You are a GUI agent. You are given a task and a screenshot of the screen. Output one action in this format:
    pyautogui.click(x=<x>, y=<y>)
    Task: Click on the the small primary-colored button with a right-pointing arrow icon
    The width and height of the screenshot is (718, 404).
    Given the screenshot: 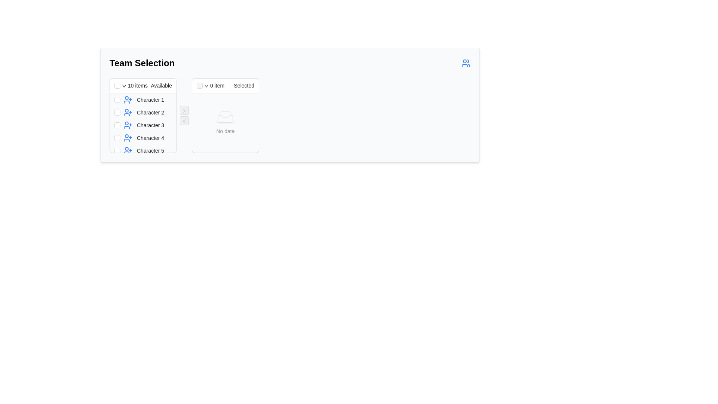 What is the action you would take?
    pyautogui.click(x=184, y=110)
    